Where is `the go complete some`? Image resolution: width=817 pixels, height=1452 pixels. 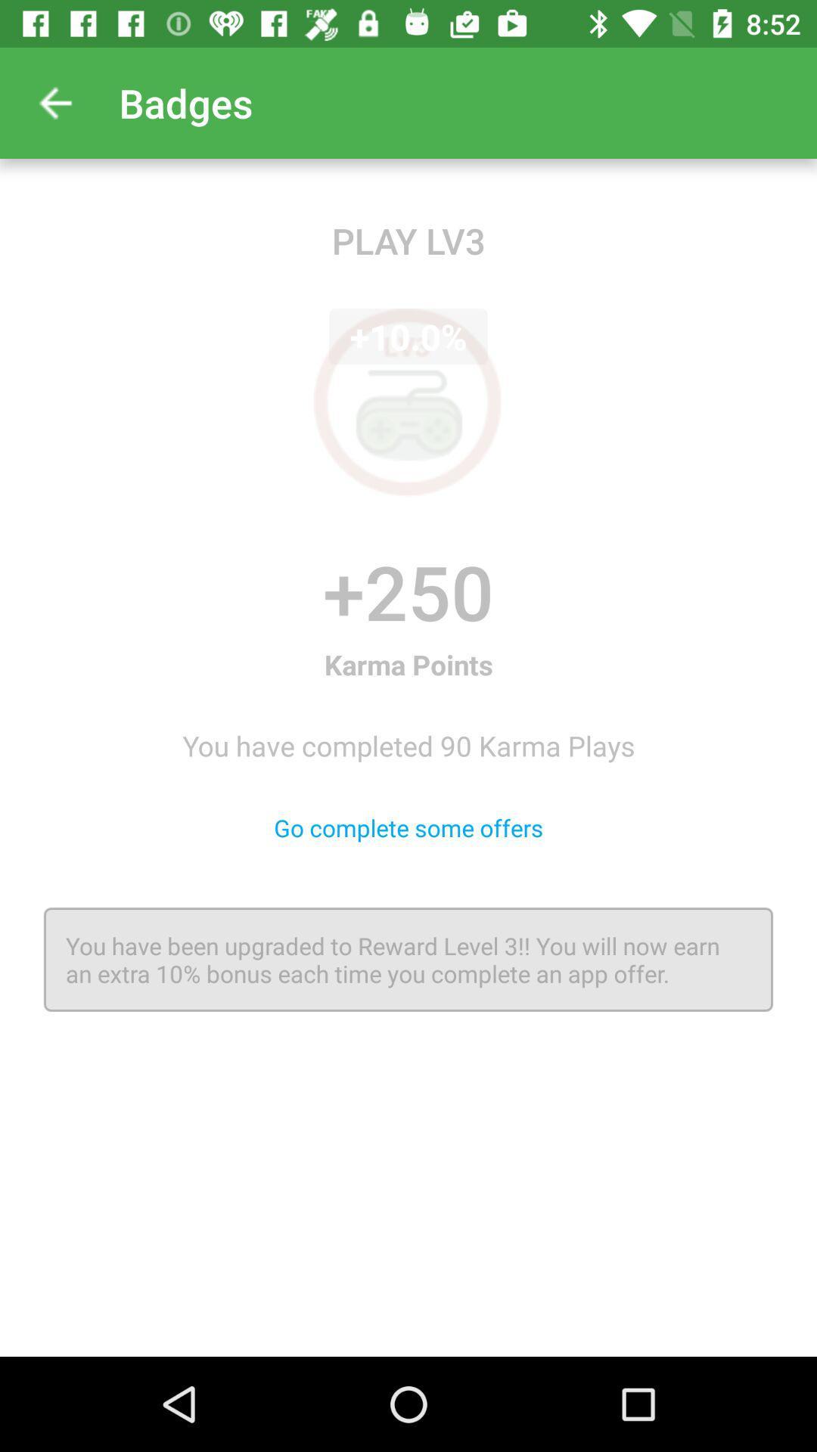 the go complete some is located at coordinates (408, 827).